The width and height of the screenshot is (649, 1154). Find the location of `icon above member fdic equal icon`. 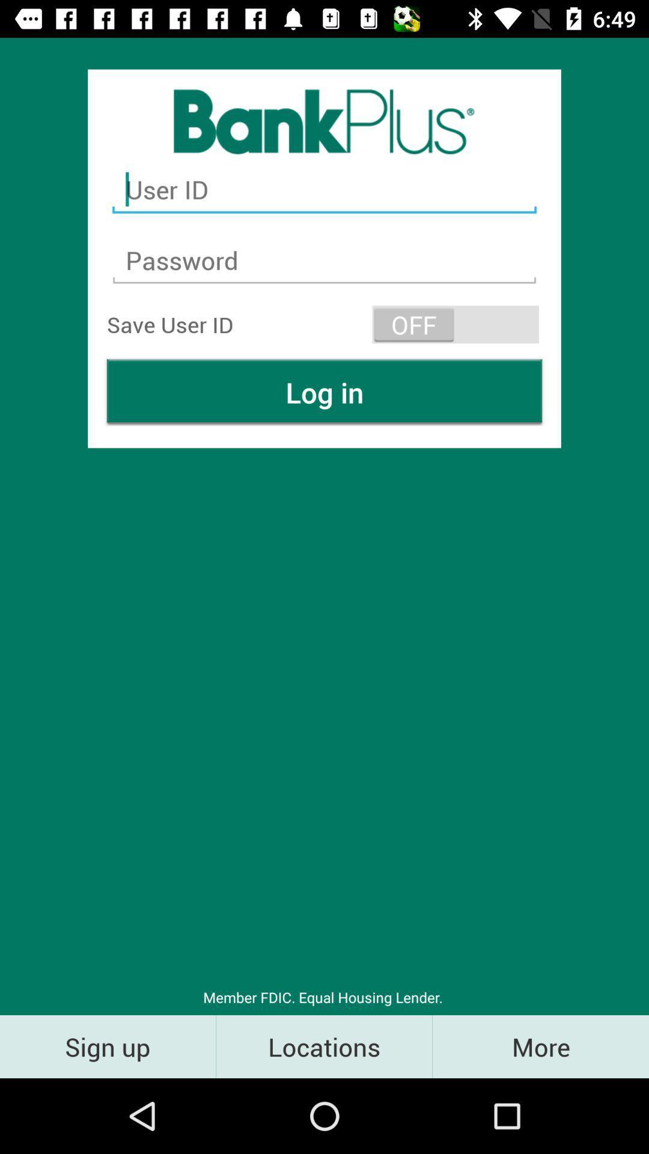

icon above member fdic equal icon is located at coordinates (324, 392).